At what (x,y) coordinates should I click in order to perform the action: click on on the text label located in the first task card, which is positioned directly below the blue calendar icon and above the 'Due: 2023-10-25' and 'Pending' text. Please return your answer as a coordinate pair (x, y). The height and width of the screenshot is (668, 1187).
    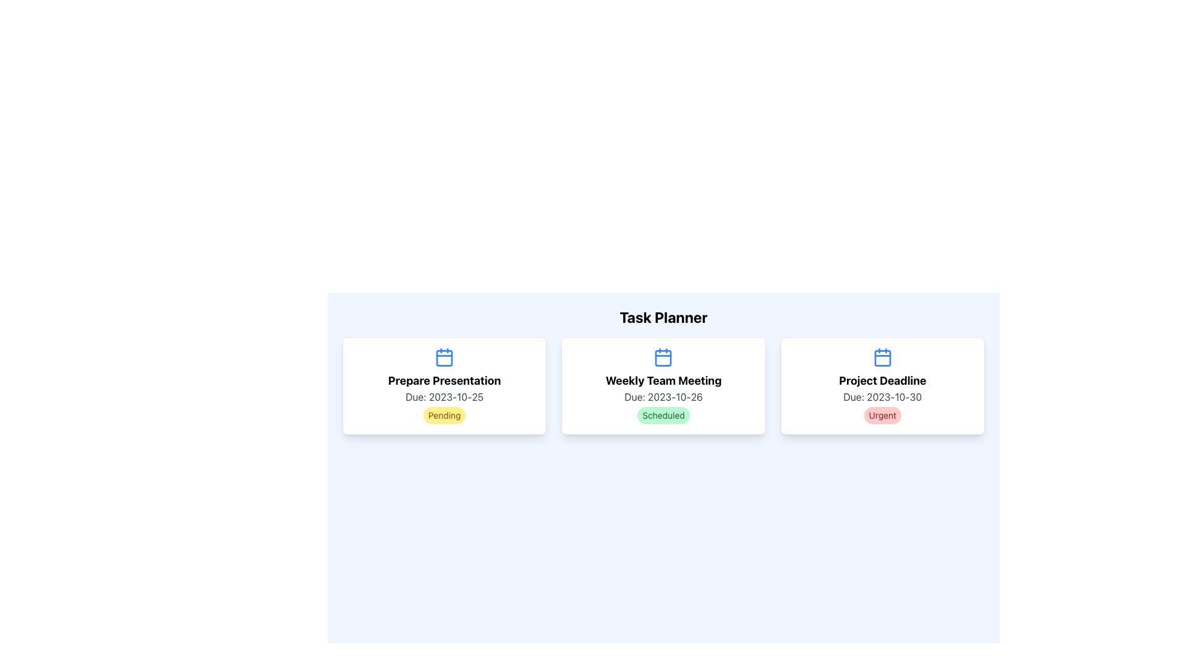
    Looking at the image, I should click on (445, 380).